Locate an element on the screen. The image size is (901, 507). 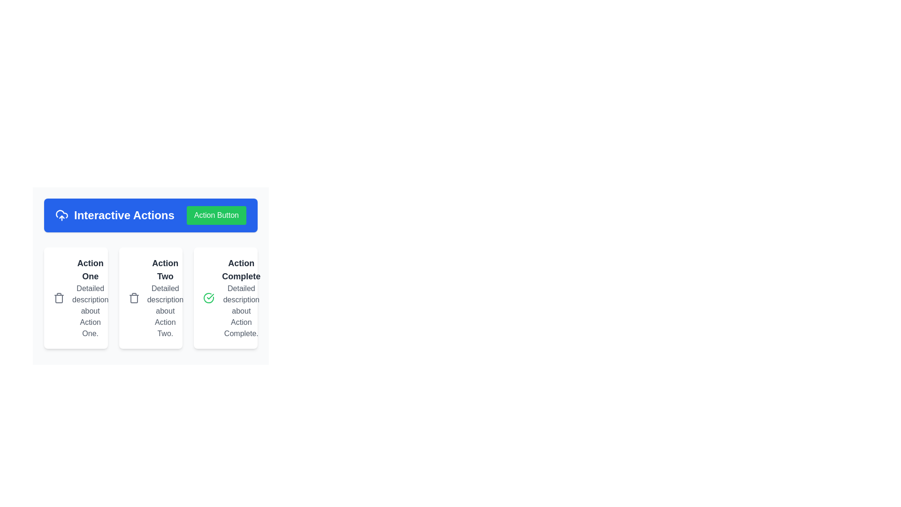
the static text providing additional information under the 'Action Complete' title in the third card of a horizontal list of three cards is located at coordinates (241, 311).